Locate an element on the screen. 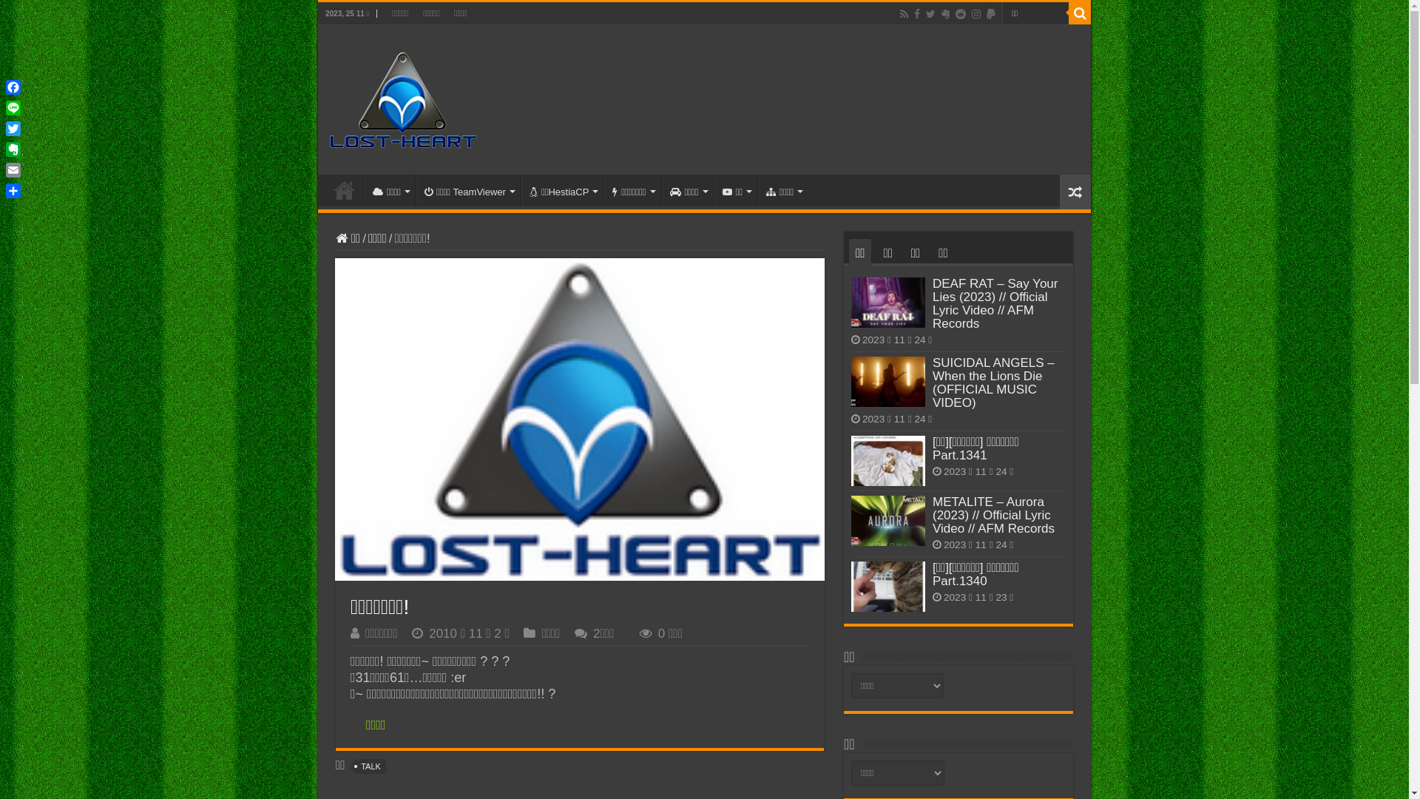  'Facebook' is located at coordinates (13, 87).